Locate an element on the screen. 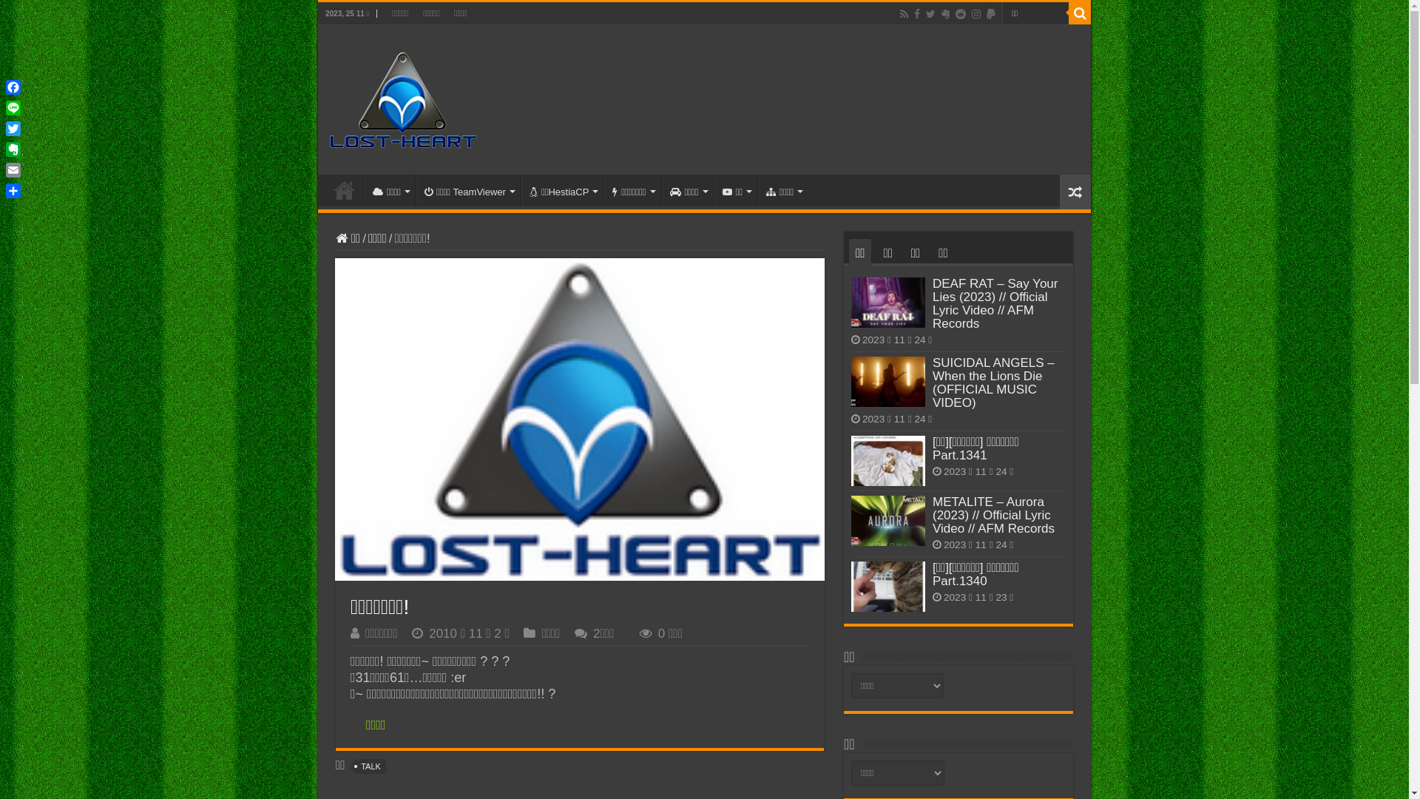  'Facebook' is located at coordinates (13, 87).